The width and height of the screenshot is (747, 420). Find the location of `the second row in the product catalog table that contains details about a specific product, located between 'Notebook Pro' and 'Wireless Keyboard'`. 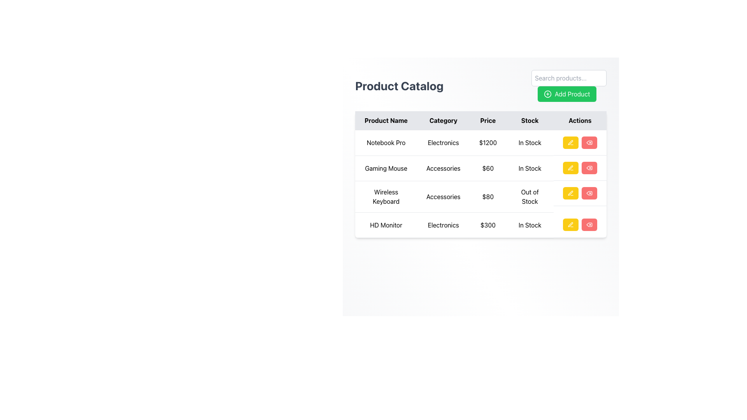

the second row in the product catalog table that contains details about a specific product, located between 'Notebook Pro' and 'Wireless Keyboard' is located at coordinates (480, 168).